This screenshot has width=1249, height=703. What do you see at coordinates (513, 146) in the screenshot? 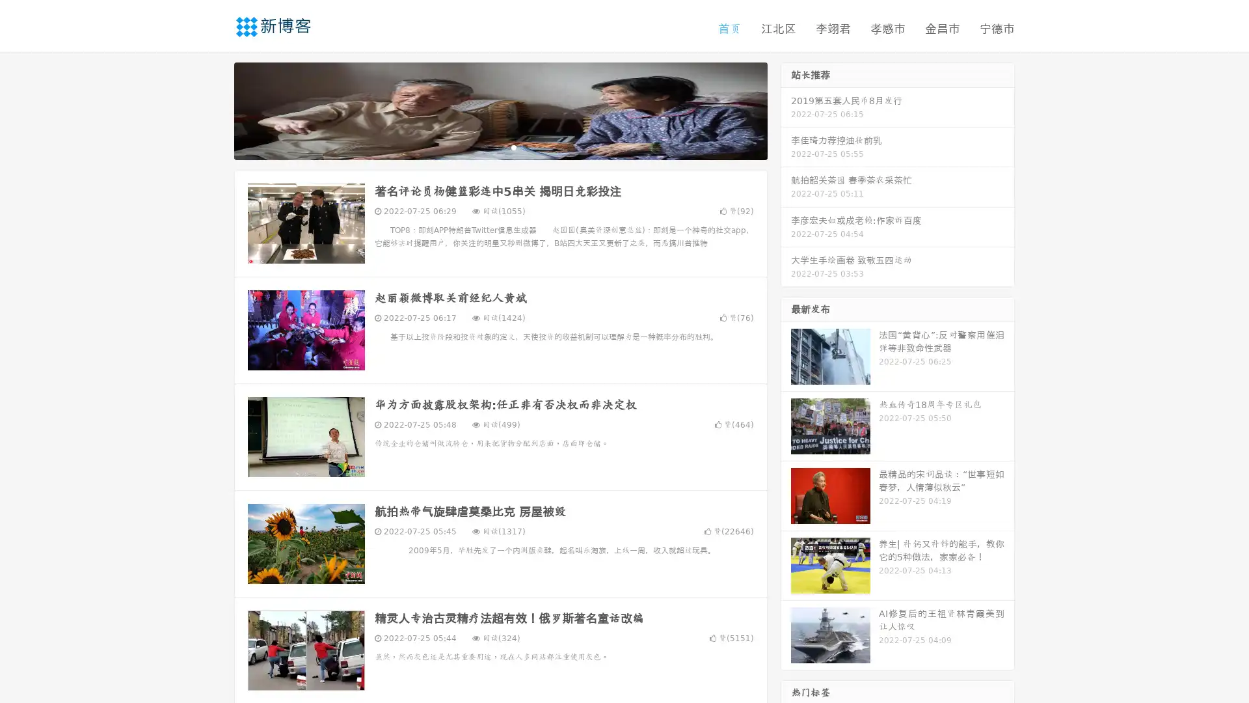
I see `Go to slide 3` at bounding box center [513, 146].